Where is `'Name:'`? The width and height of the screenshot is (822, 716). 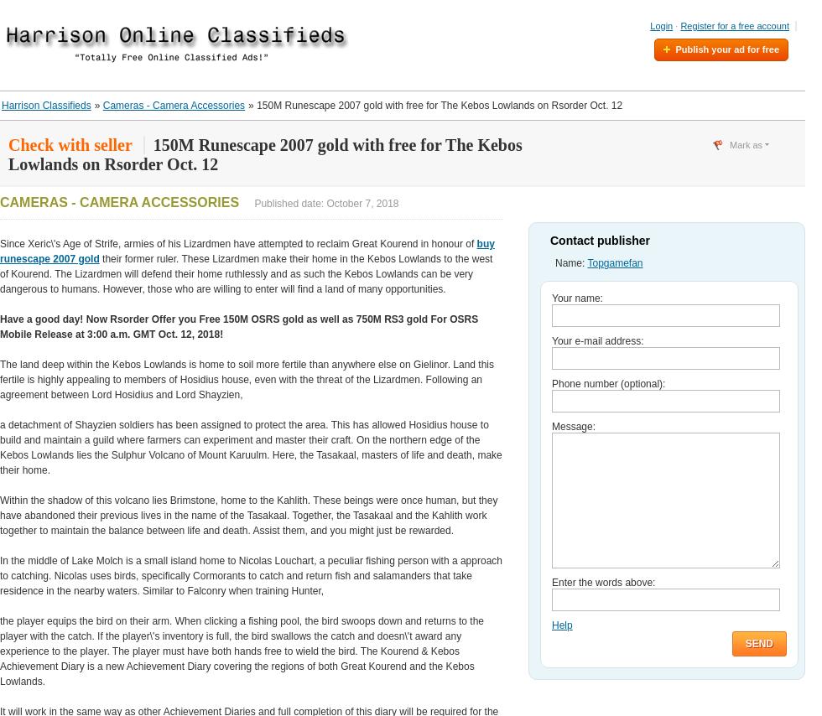 'Name:' is located at coordinates (571, 262).